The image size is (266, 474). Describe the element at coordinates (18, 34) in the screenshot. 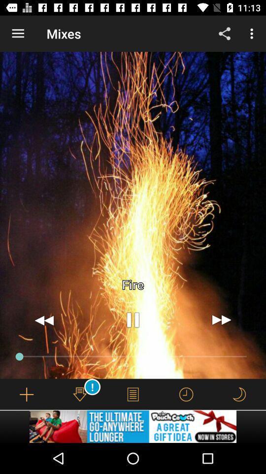

I see `item next to the mixes item` at that location.